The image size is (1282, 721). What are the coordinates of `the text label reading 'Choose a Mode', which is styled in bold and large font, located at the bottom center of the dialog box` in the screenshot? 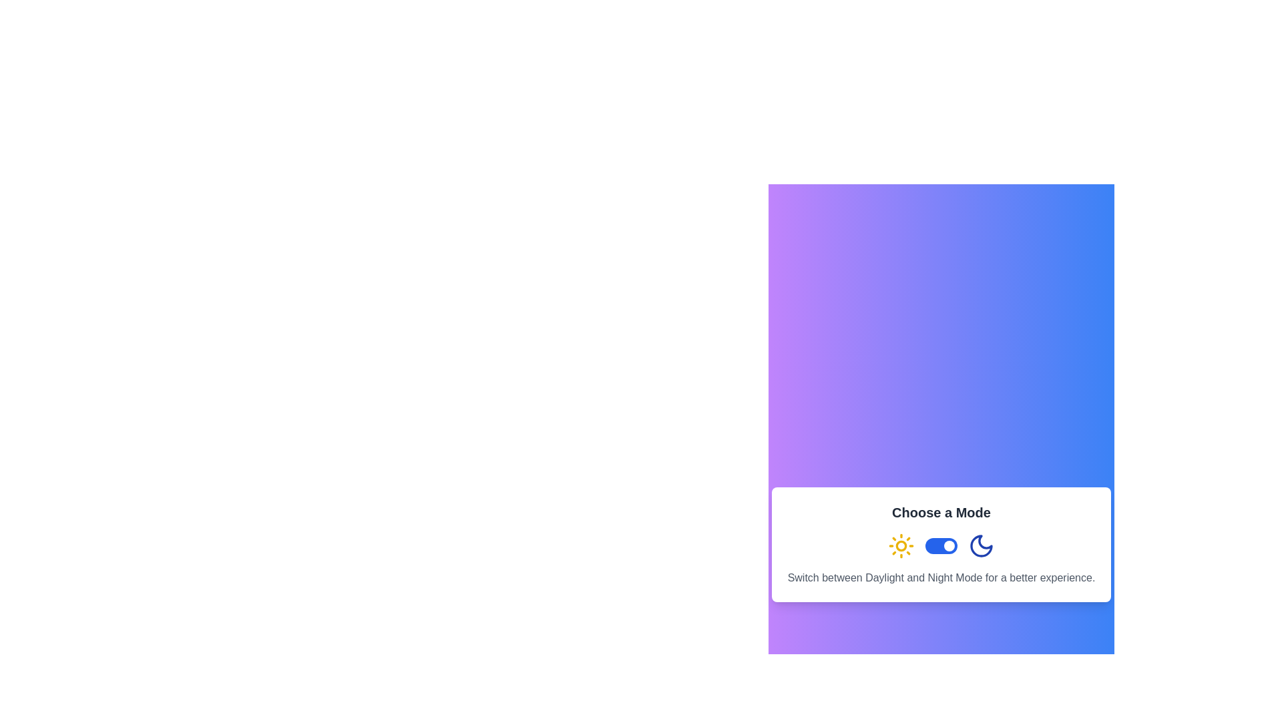 It's located at (941, 511).